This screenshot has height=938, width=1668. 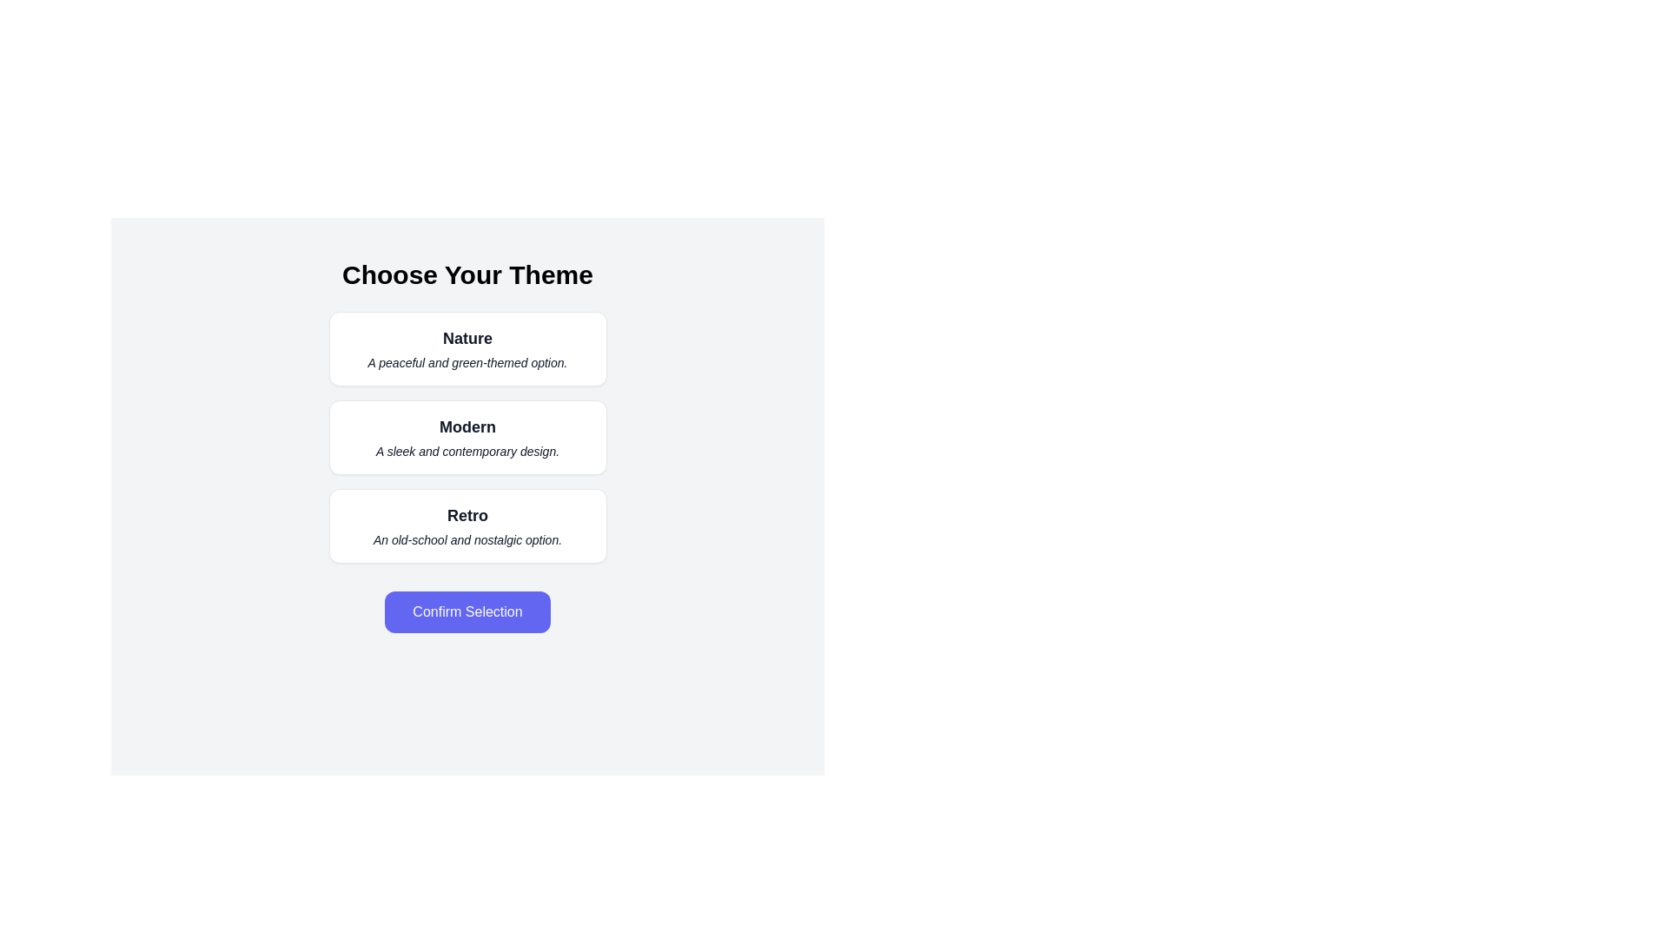 I want to click on the text label reading 'Nature', which is styled in a bold and slightly larger font, positioned above a secondary text in the theme selection interface, so click(x=467, y=338).